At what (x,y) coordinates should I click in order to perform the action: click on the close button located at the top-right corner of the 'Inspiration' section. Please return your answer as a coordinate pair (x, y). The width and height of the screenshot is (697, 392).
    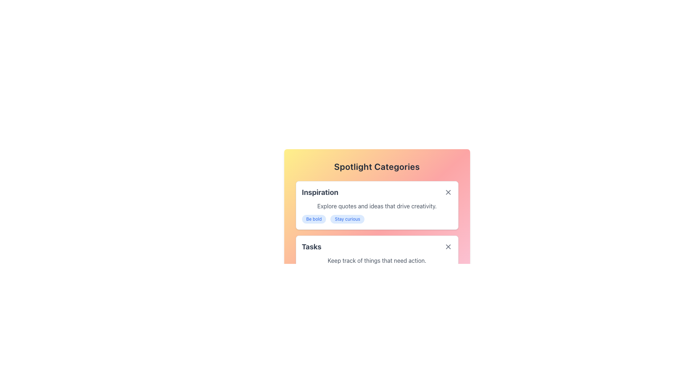
    Looking at the image, I should click on (448, 192).